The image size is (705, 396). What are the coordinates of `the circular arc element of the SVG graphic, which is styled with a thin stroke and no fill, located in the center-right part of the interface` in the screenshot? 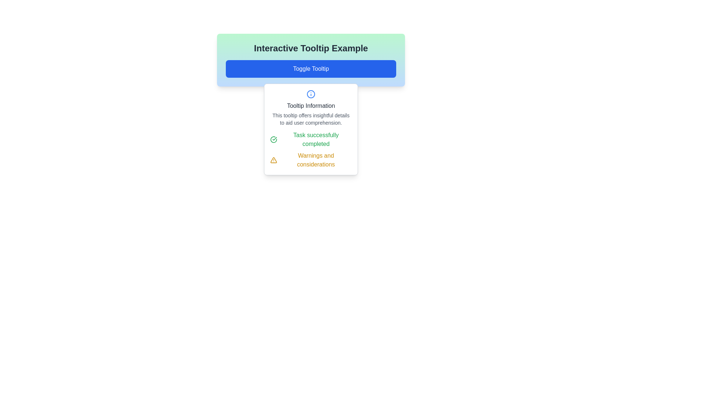 It's located at (273, 140).